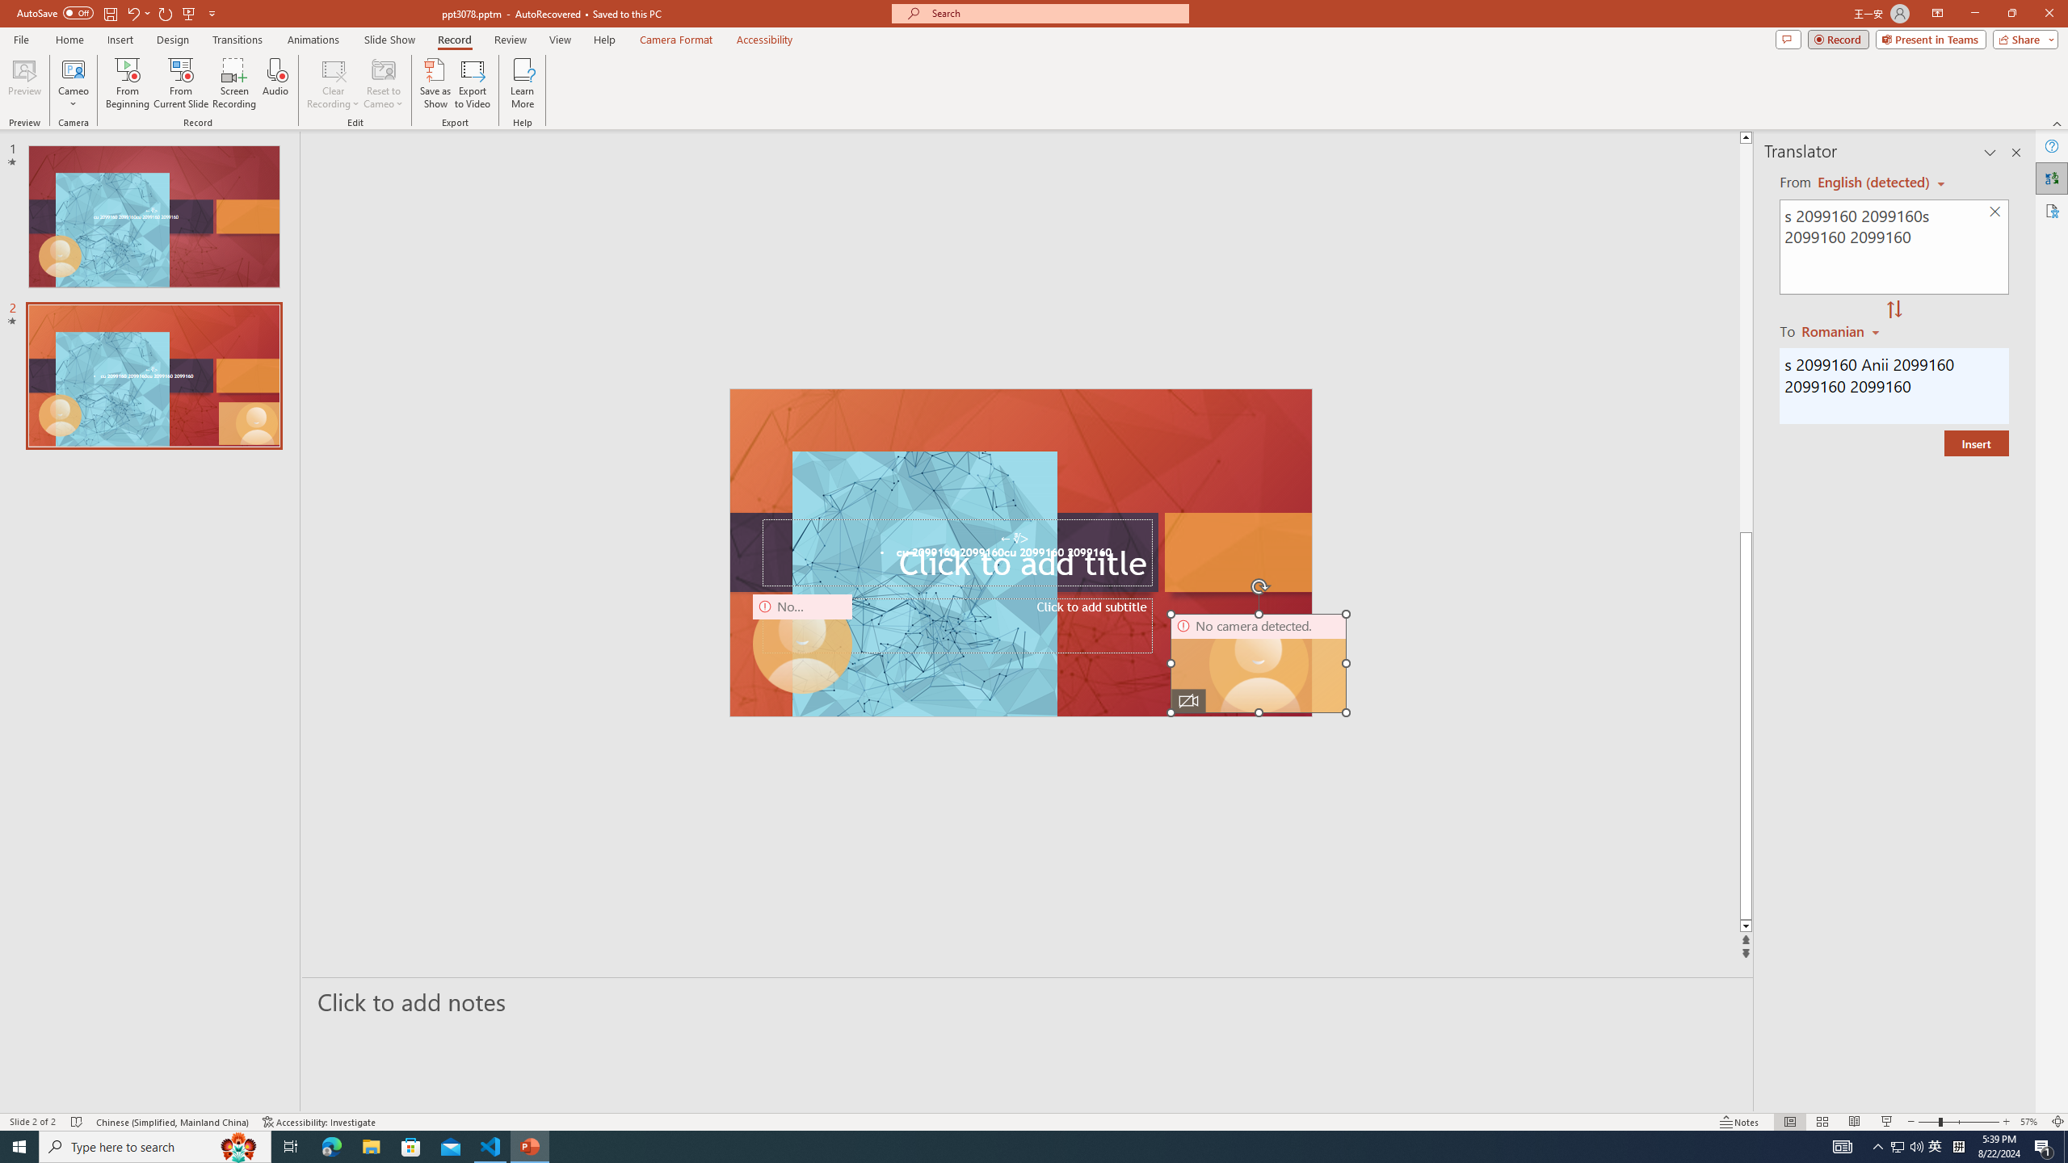  What do you see at coordinates (435, 83) in the screenshot?
I see `'Save as Show'` at bounding box center [435, 83].